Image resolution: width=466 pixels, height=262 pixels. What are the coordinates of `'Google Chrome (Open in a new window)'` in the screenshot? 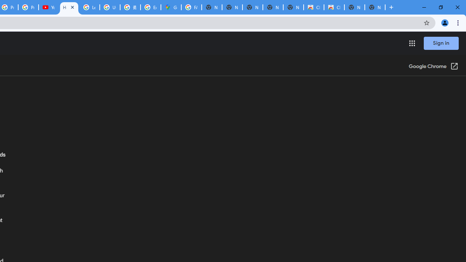 It's located at (434, 67).